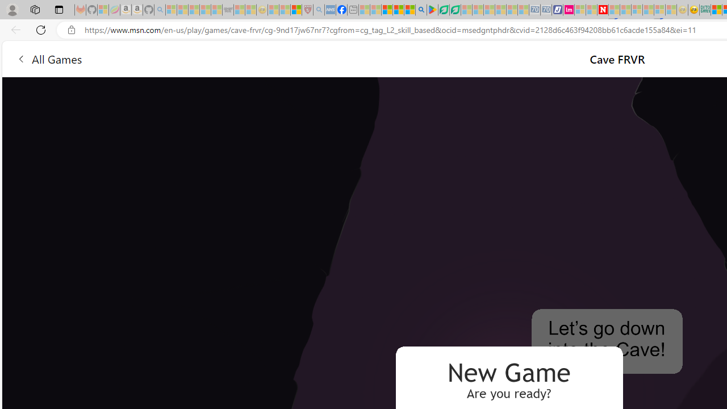  I want to click on 'Pets - MSN', so click(398, 10).